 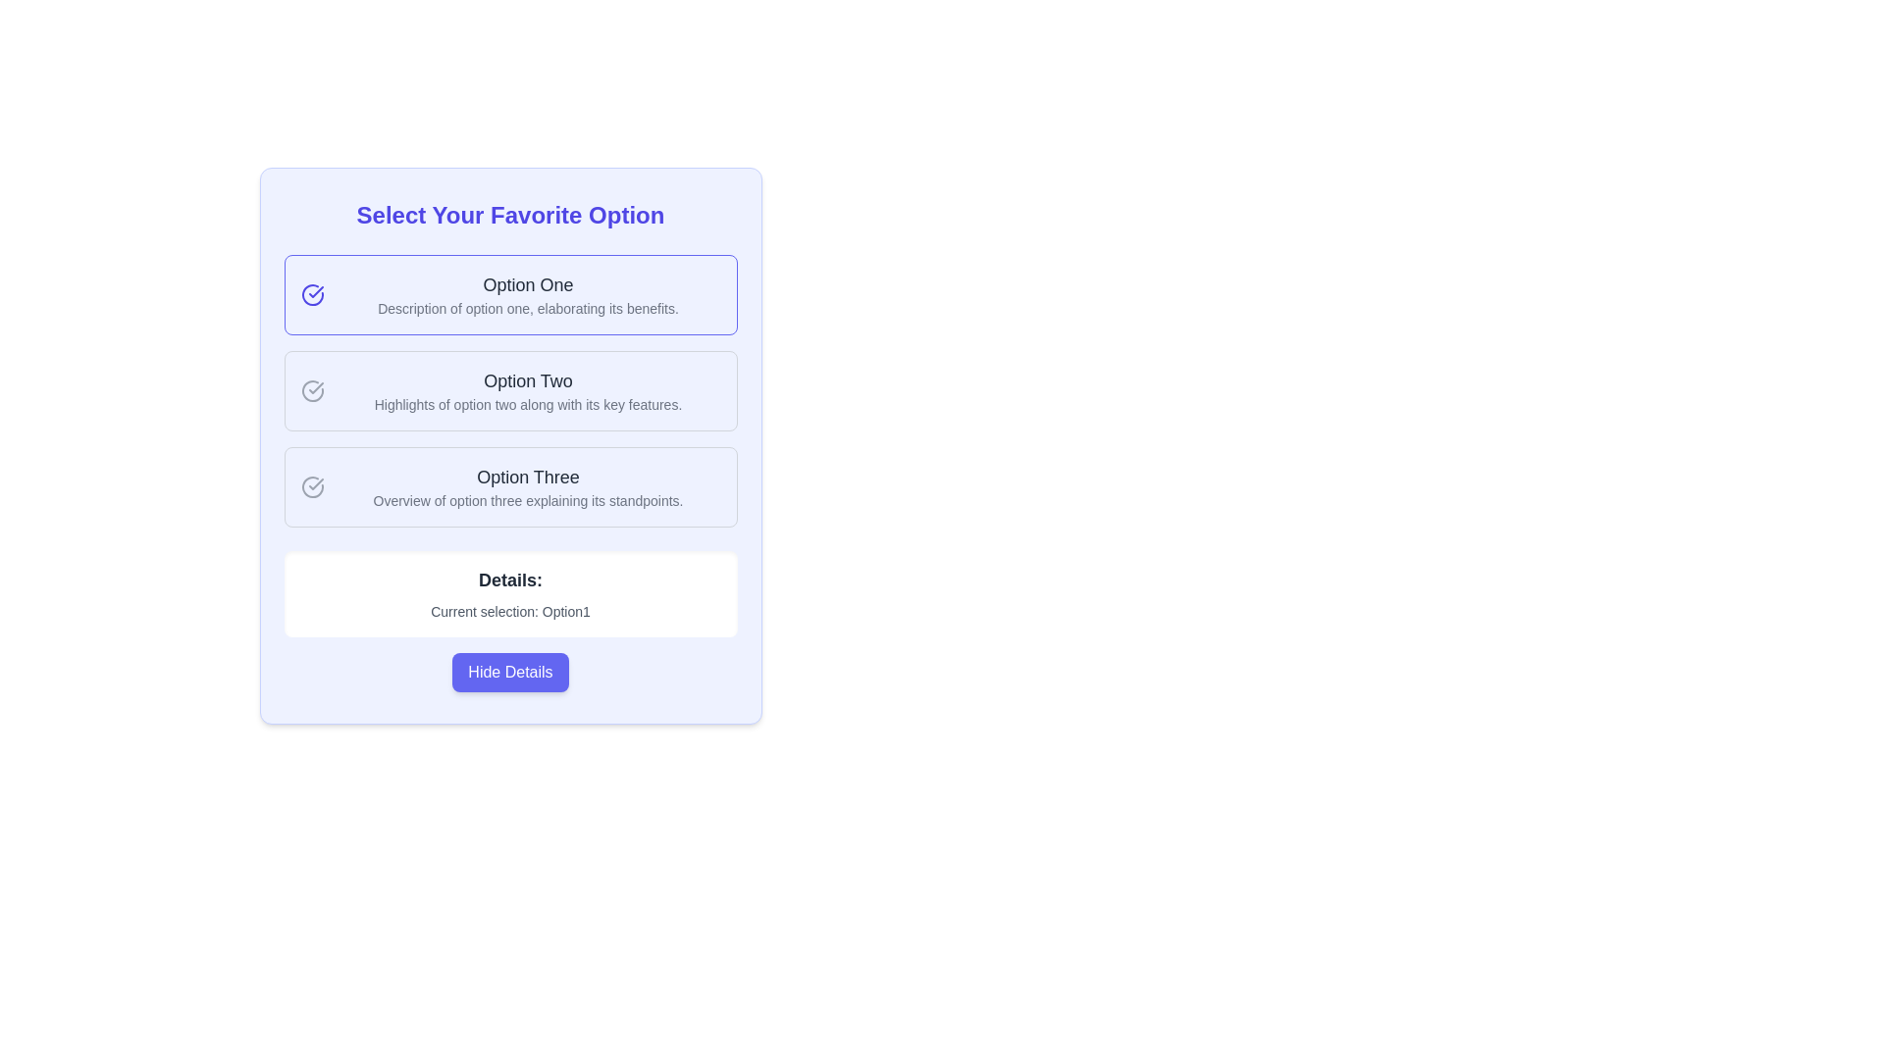 What do you see at coordinates (510, 672) in the screenshot?
I see `the prominently styled button with rounded corners, blue background, and white text reading 'Hide Details'` at bounding box center [510, 672].